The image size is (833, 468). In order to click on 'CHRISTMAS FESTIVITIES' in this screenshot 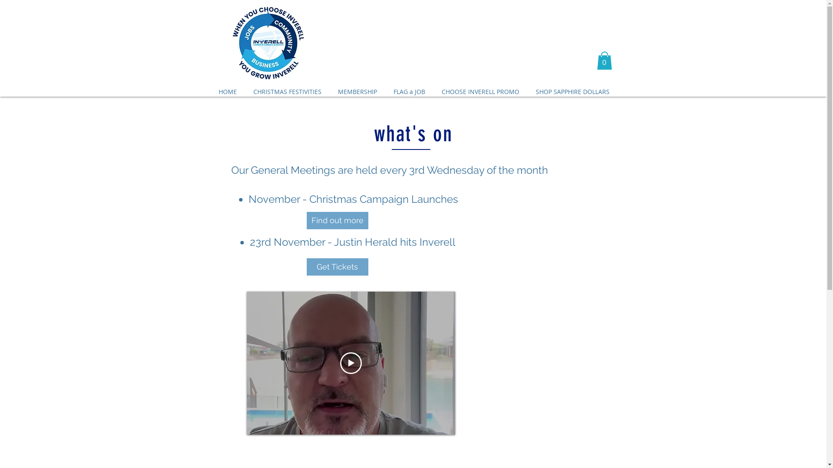, I will do `click(244, 91)`.